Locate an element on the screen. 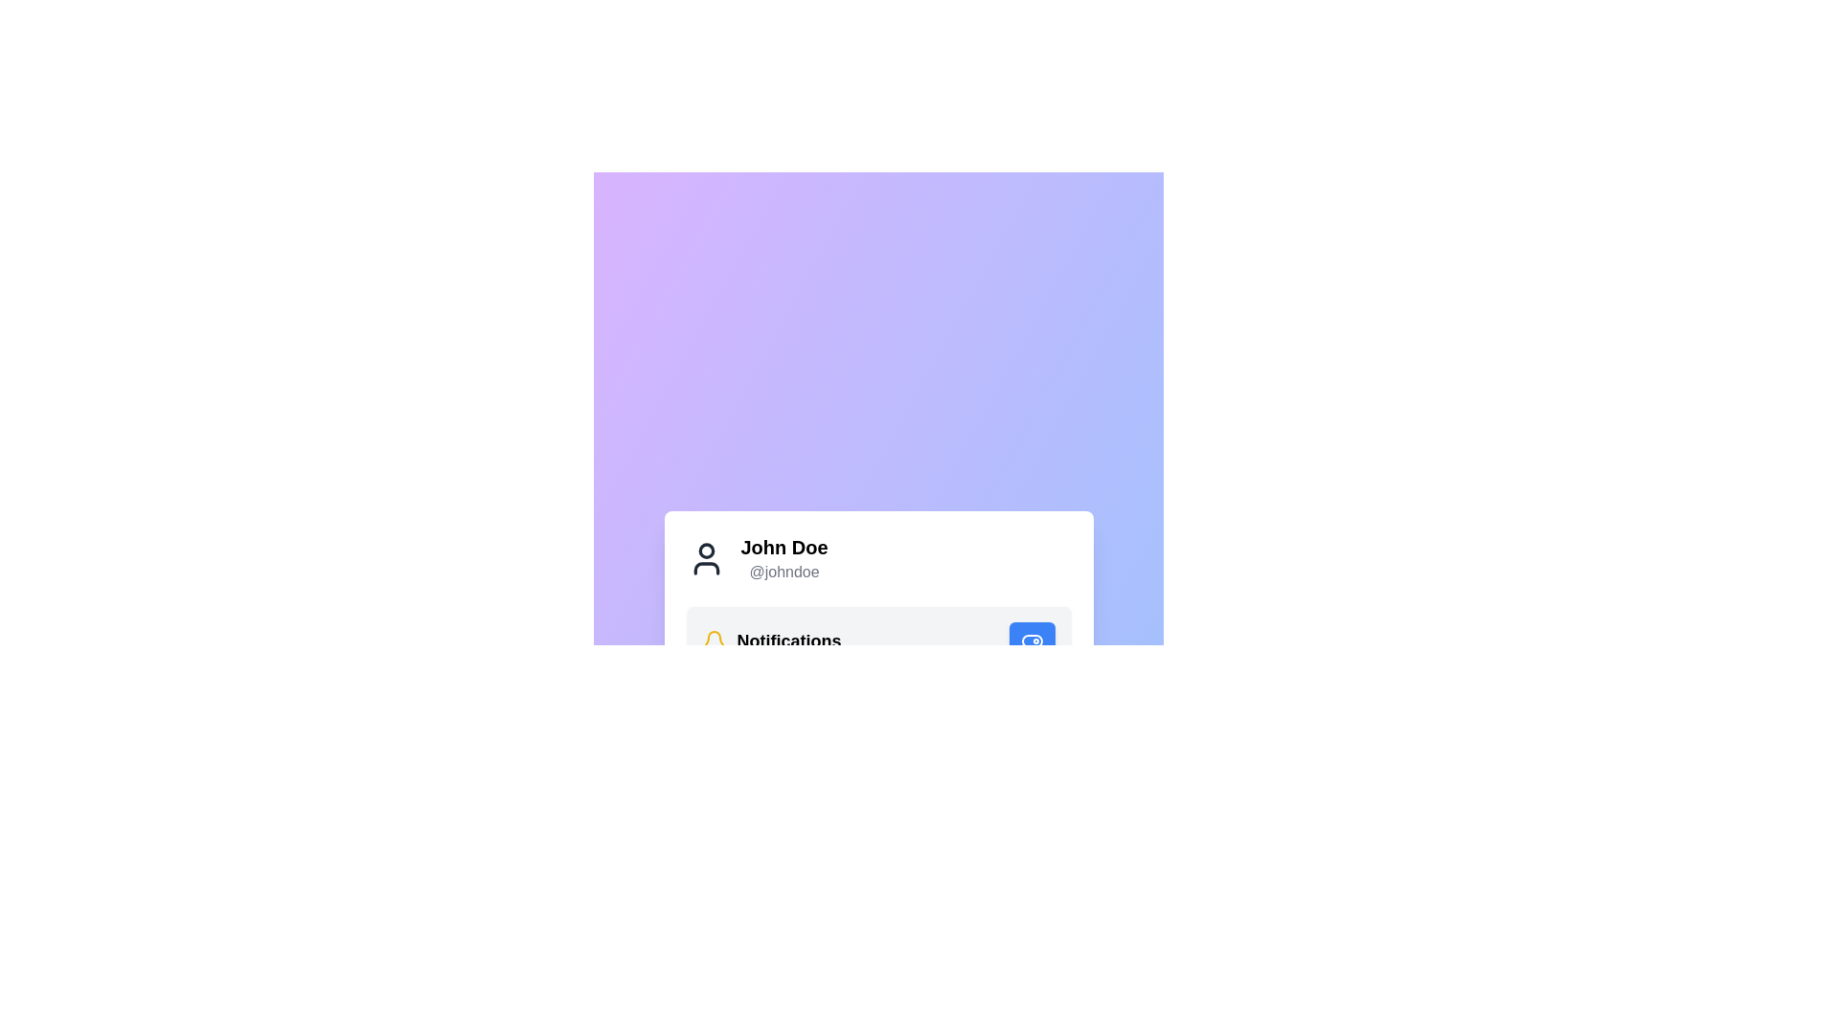 This screenshot has height=1034, width=1839. the toggle background element located on the right side of the toggle switch layout in the user profile interface, below the 'Notifications' section is located at coordinates (1031, 641).